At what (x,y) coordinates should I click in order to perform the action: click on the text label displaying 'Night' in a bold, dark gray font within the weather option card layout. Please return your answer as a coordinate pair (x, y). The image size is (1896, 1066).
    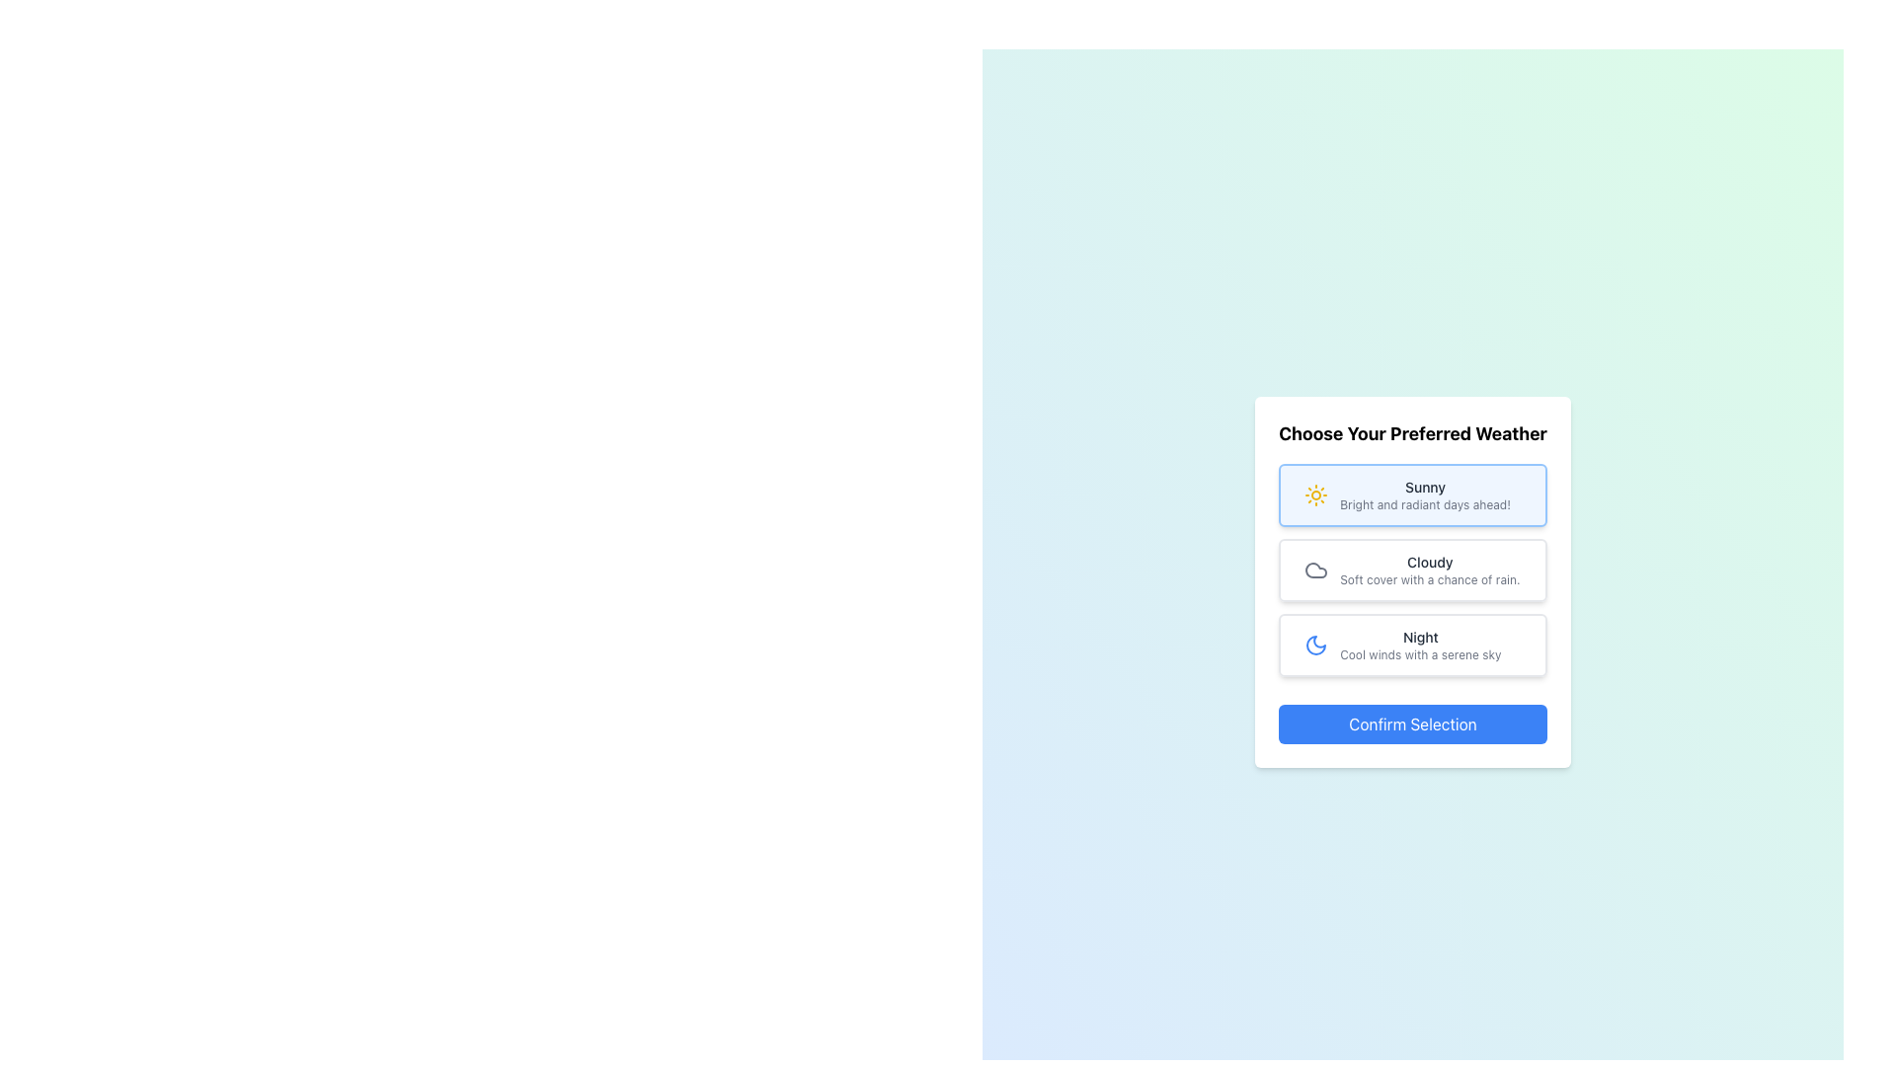
    Looking at the image, I should click on (1419, 637).